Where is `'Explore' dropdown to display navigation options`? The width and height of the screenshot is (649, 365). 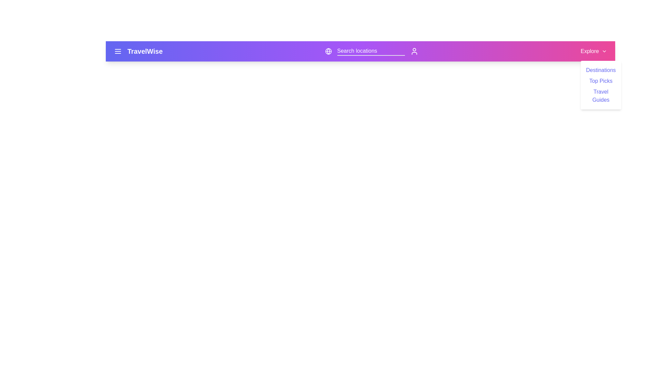 'Explore' dropdown to display navigation options is located at coordinates (593, 51).